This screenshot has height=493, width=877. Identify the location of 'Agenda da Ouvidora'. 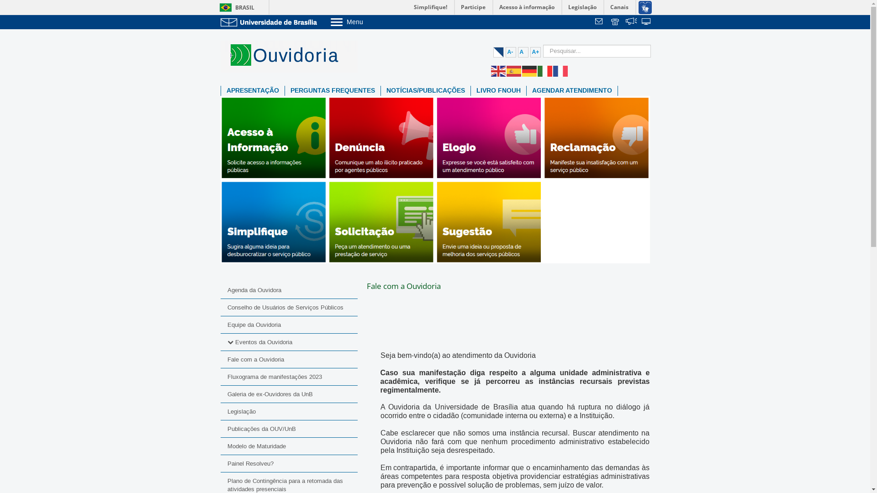
(288, 290).